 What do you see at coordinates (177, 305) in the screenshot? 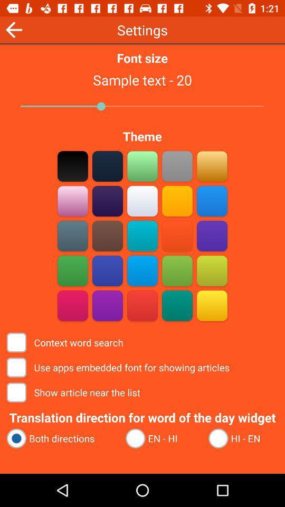
I see `specific color` at bounding box center [177, 305].